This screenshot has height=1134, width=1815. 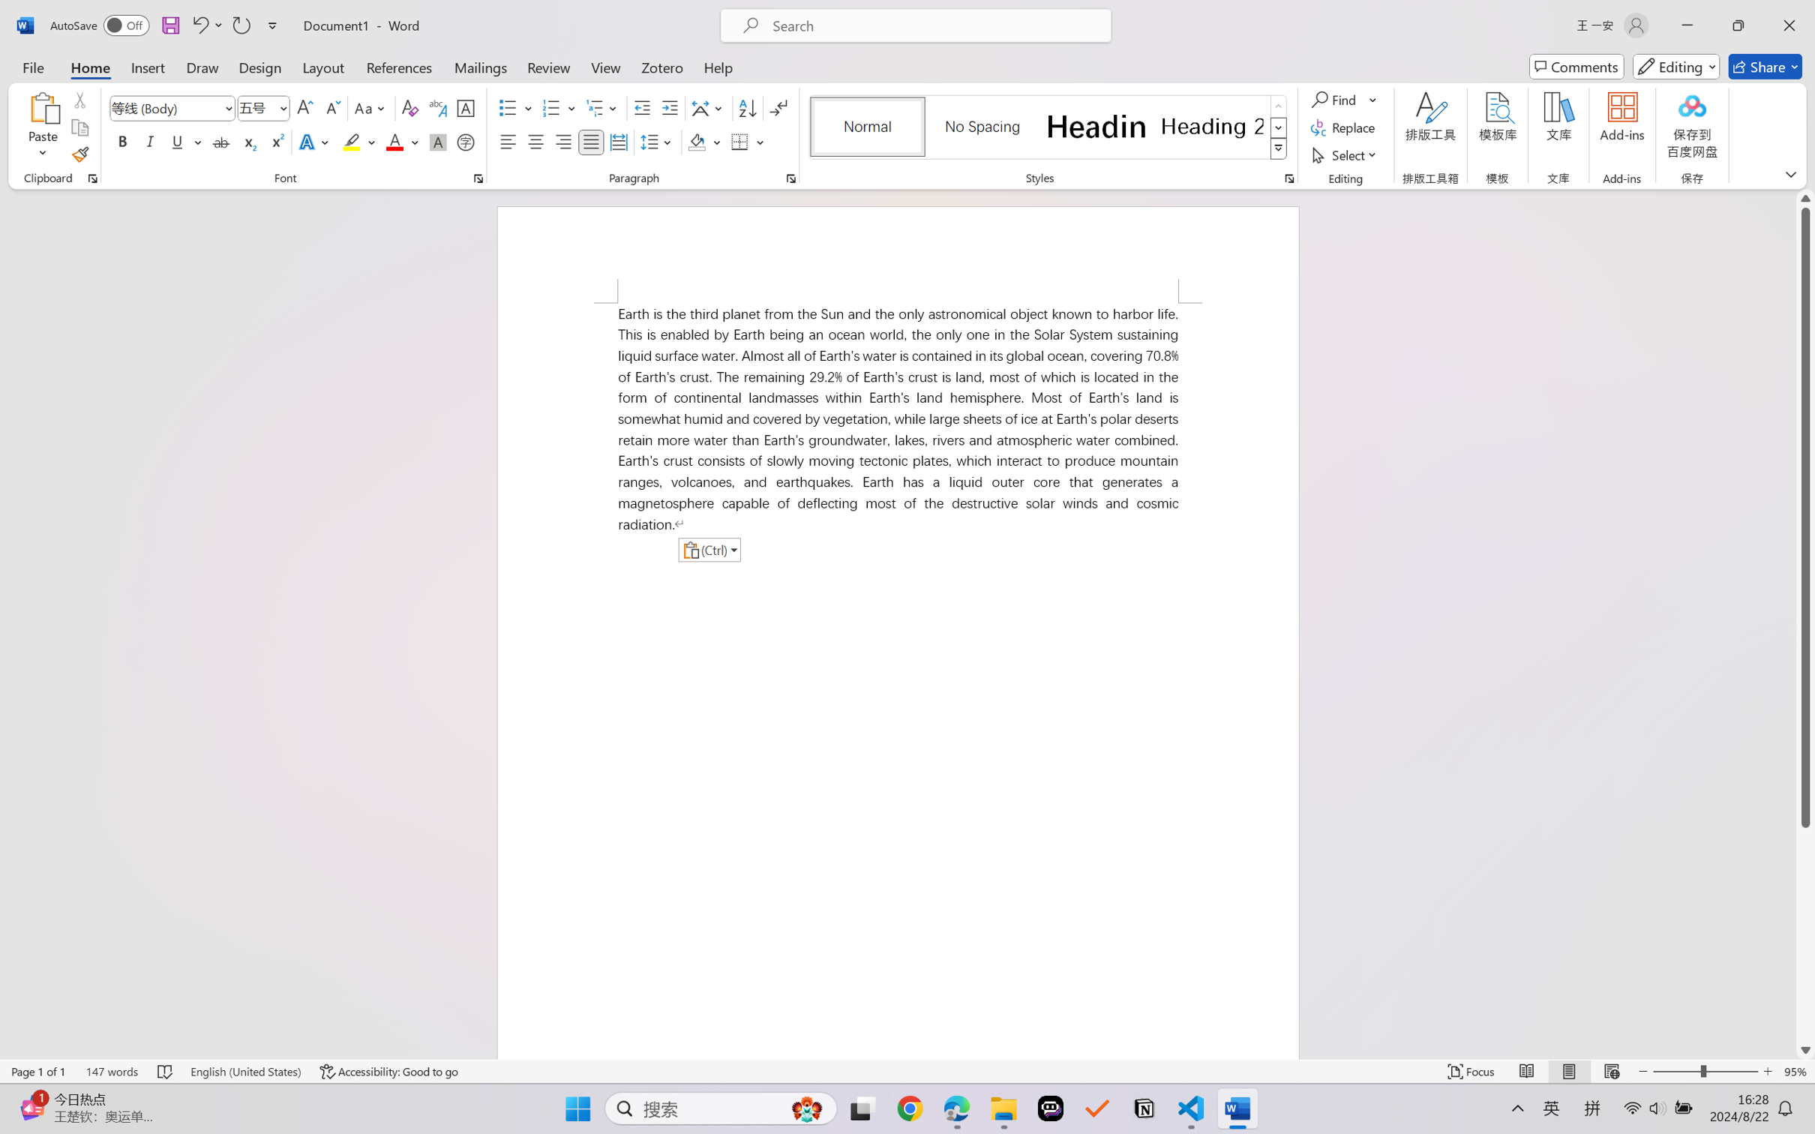 What do you see at coordinates (1346, 155) in the screenshot?
I see `'Select'` at bounding box center [1346, 155].